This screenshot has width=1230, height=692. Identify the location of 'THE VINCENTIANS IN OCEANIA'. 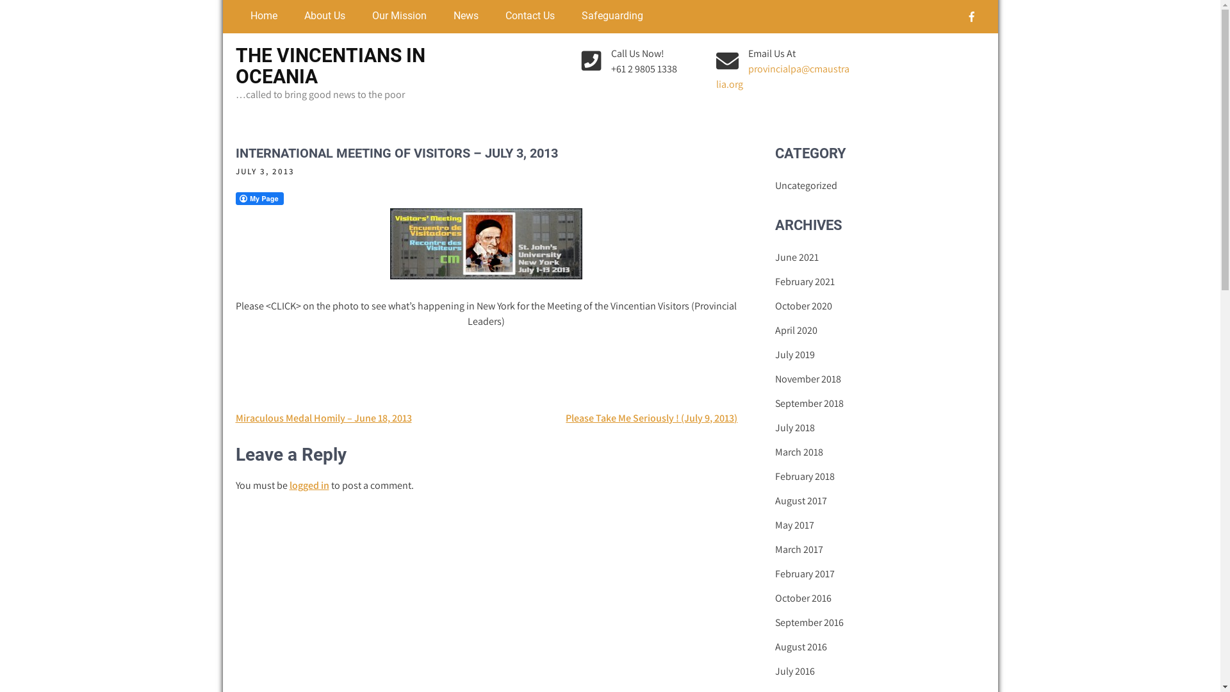
(330, 66).